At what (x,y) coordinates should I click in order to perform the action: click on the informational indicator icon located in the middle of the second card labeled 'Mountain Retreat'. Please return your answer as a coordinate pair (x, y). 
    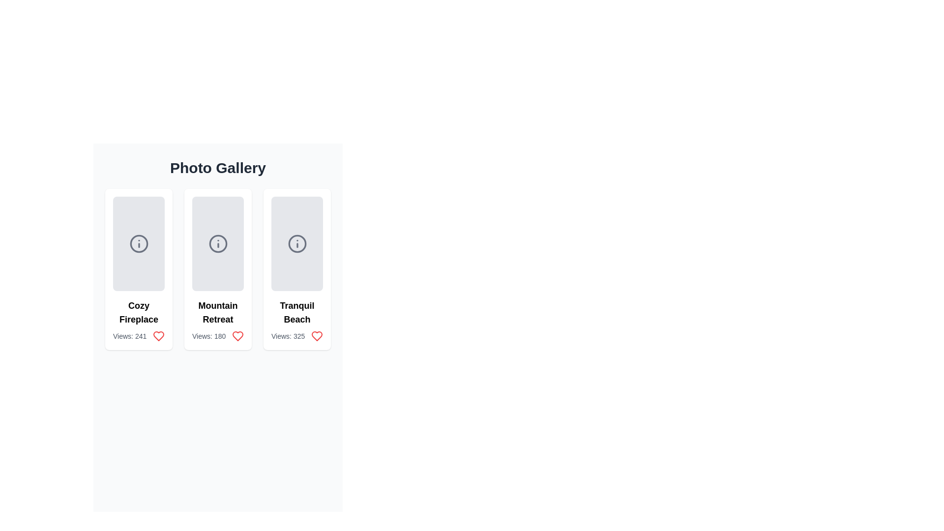
    Looking at the image, I should click on (217, 243).